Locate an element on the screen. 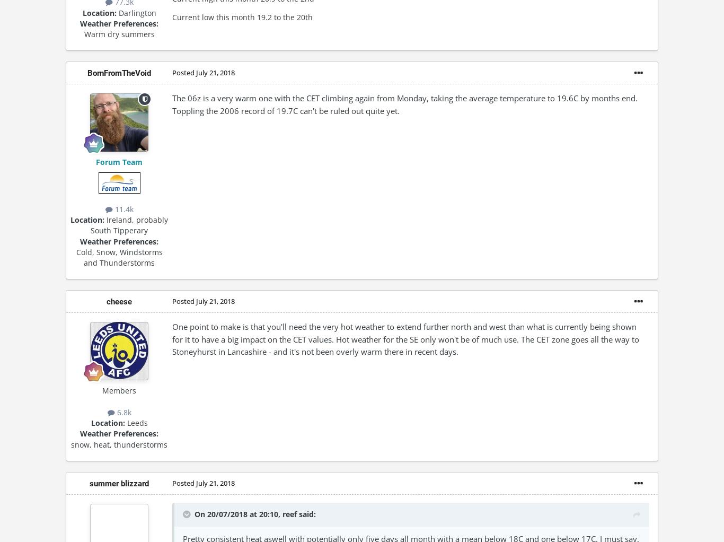 This screenshot has height=542, width=724. 'Leeds' is located at coordinates (136, 423).